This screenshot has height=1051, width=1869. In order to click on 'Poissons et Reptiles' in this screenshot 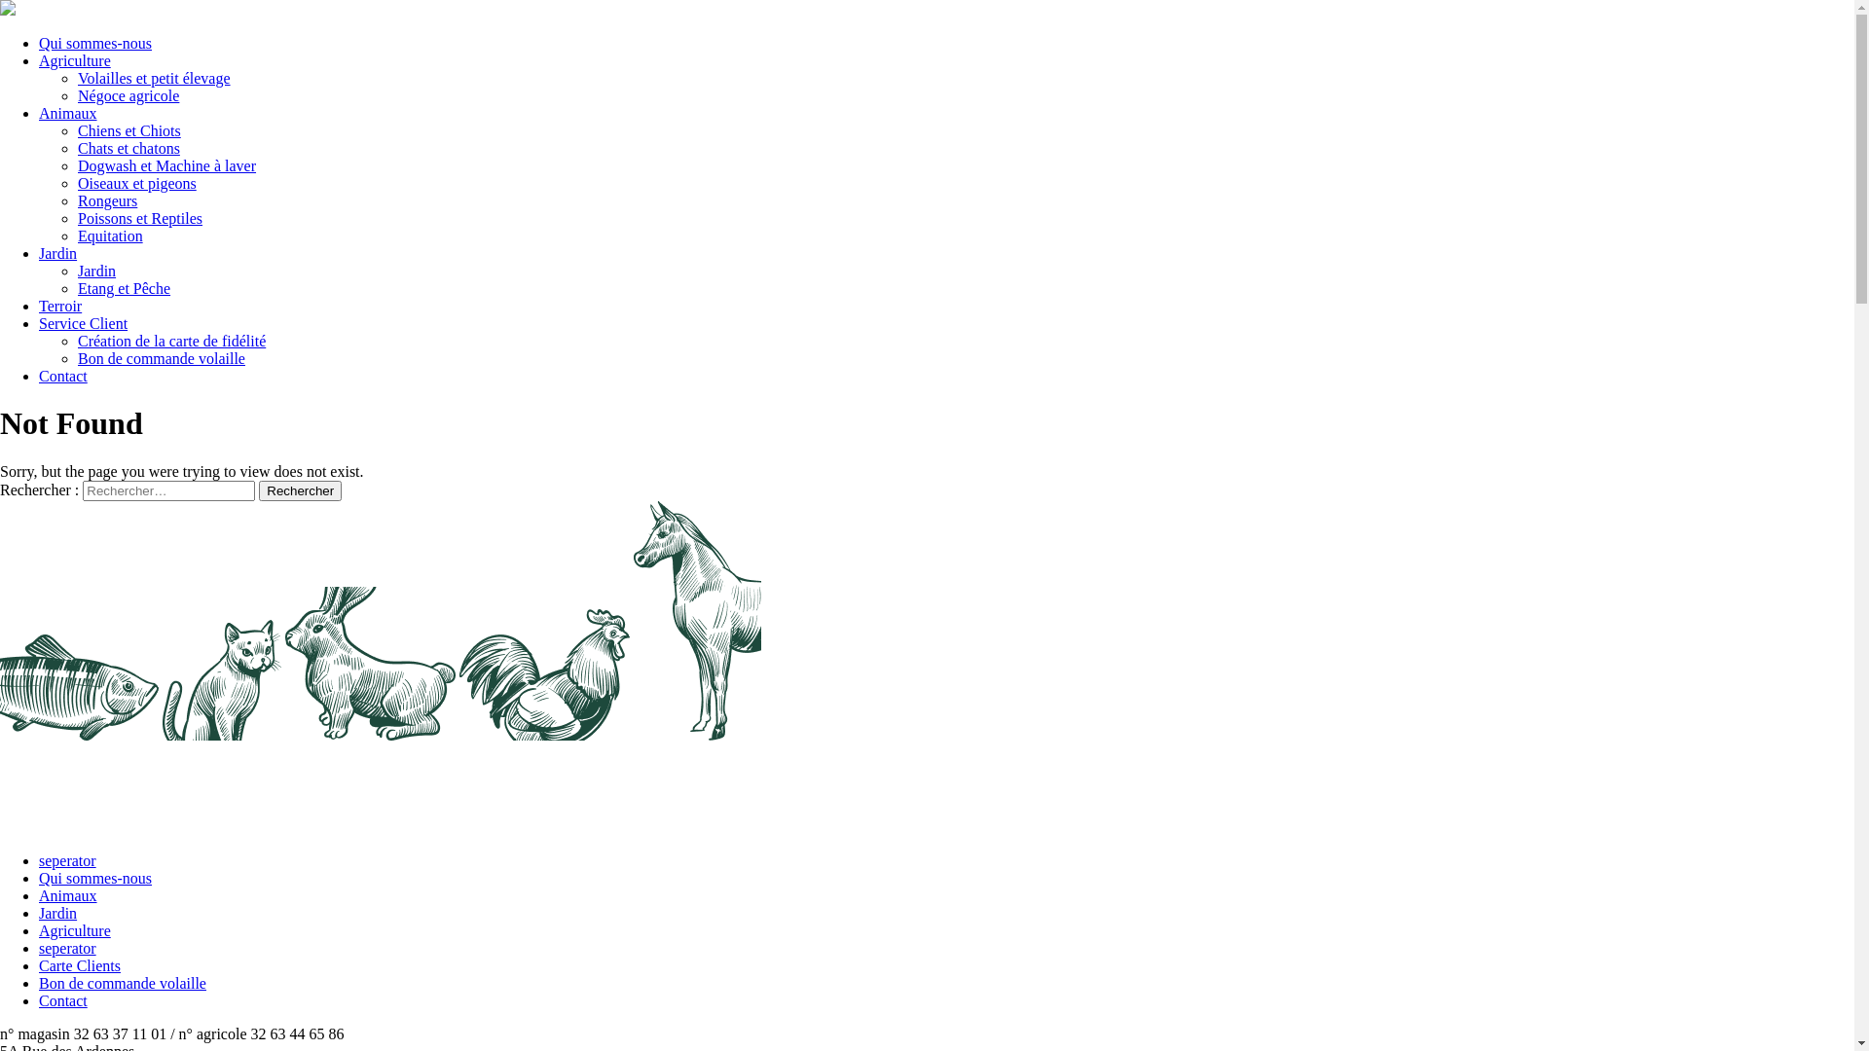, I will do `click(139, 218)`.